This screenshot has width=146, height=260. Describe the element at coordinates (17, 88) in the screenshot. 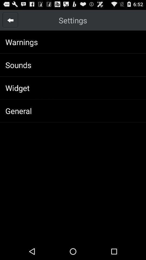

I see `icon above general app` at that location.